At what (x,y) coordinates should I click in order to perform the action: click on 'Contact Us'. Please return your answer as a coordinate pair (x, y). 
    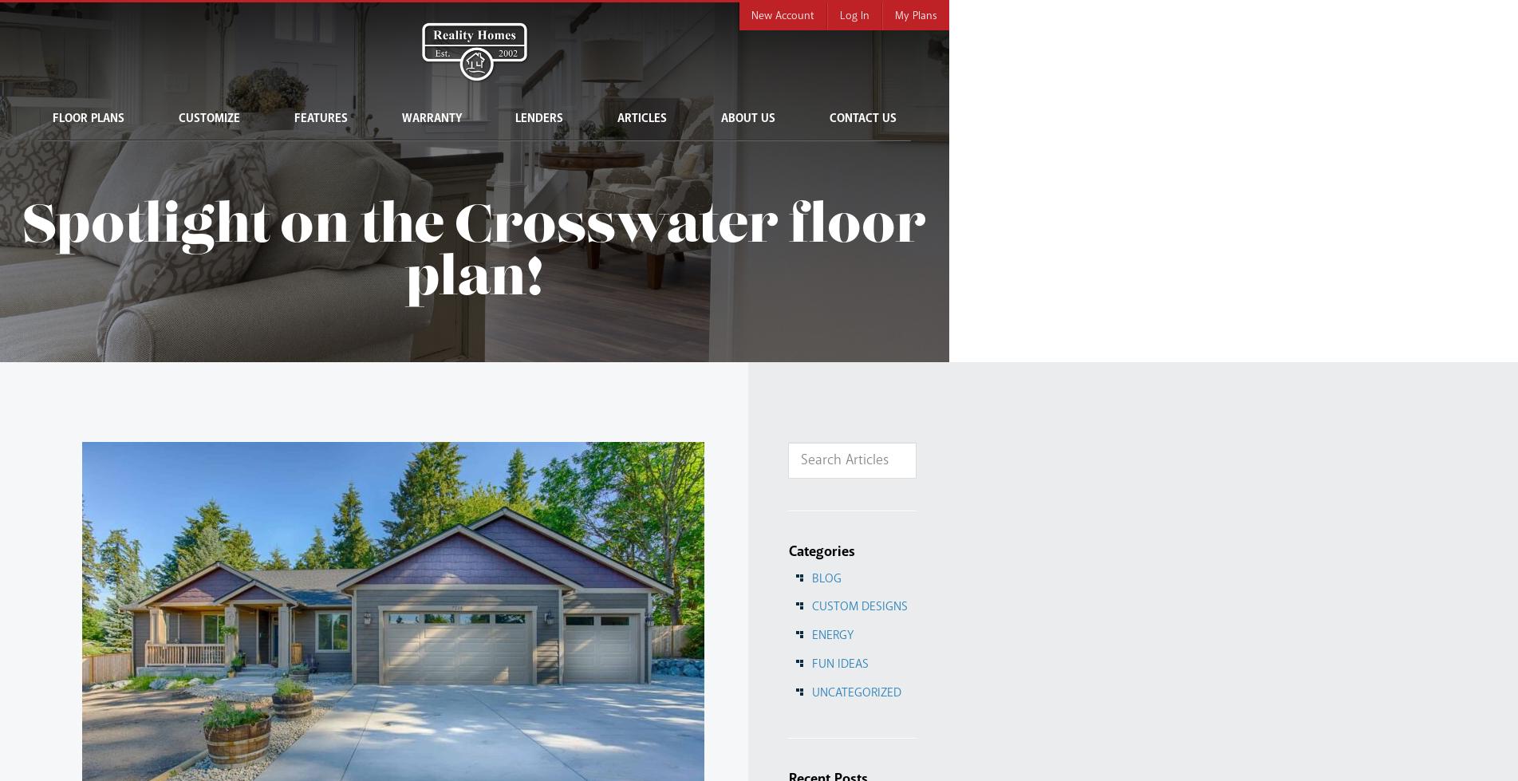
    Looking at the image, I should click on (862, 119).